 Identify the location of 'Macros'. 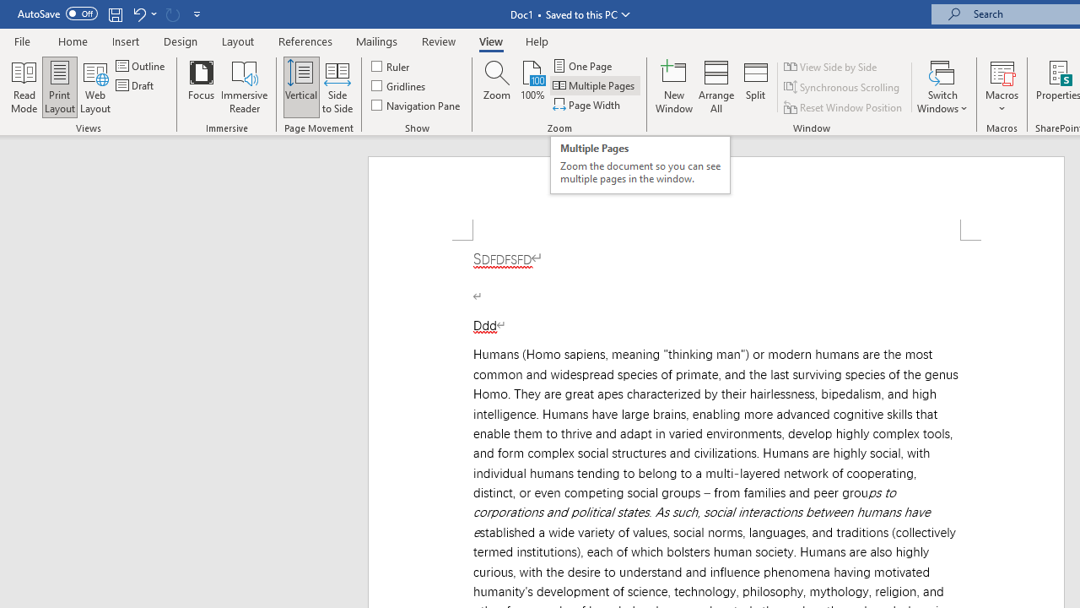
(1002, 87).